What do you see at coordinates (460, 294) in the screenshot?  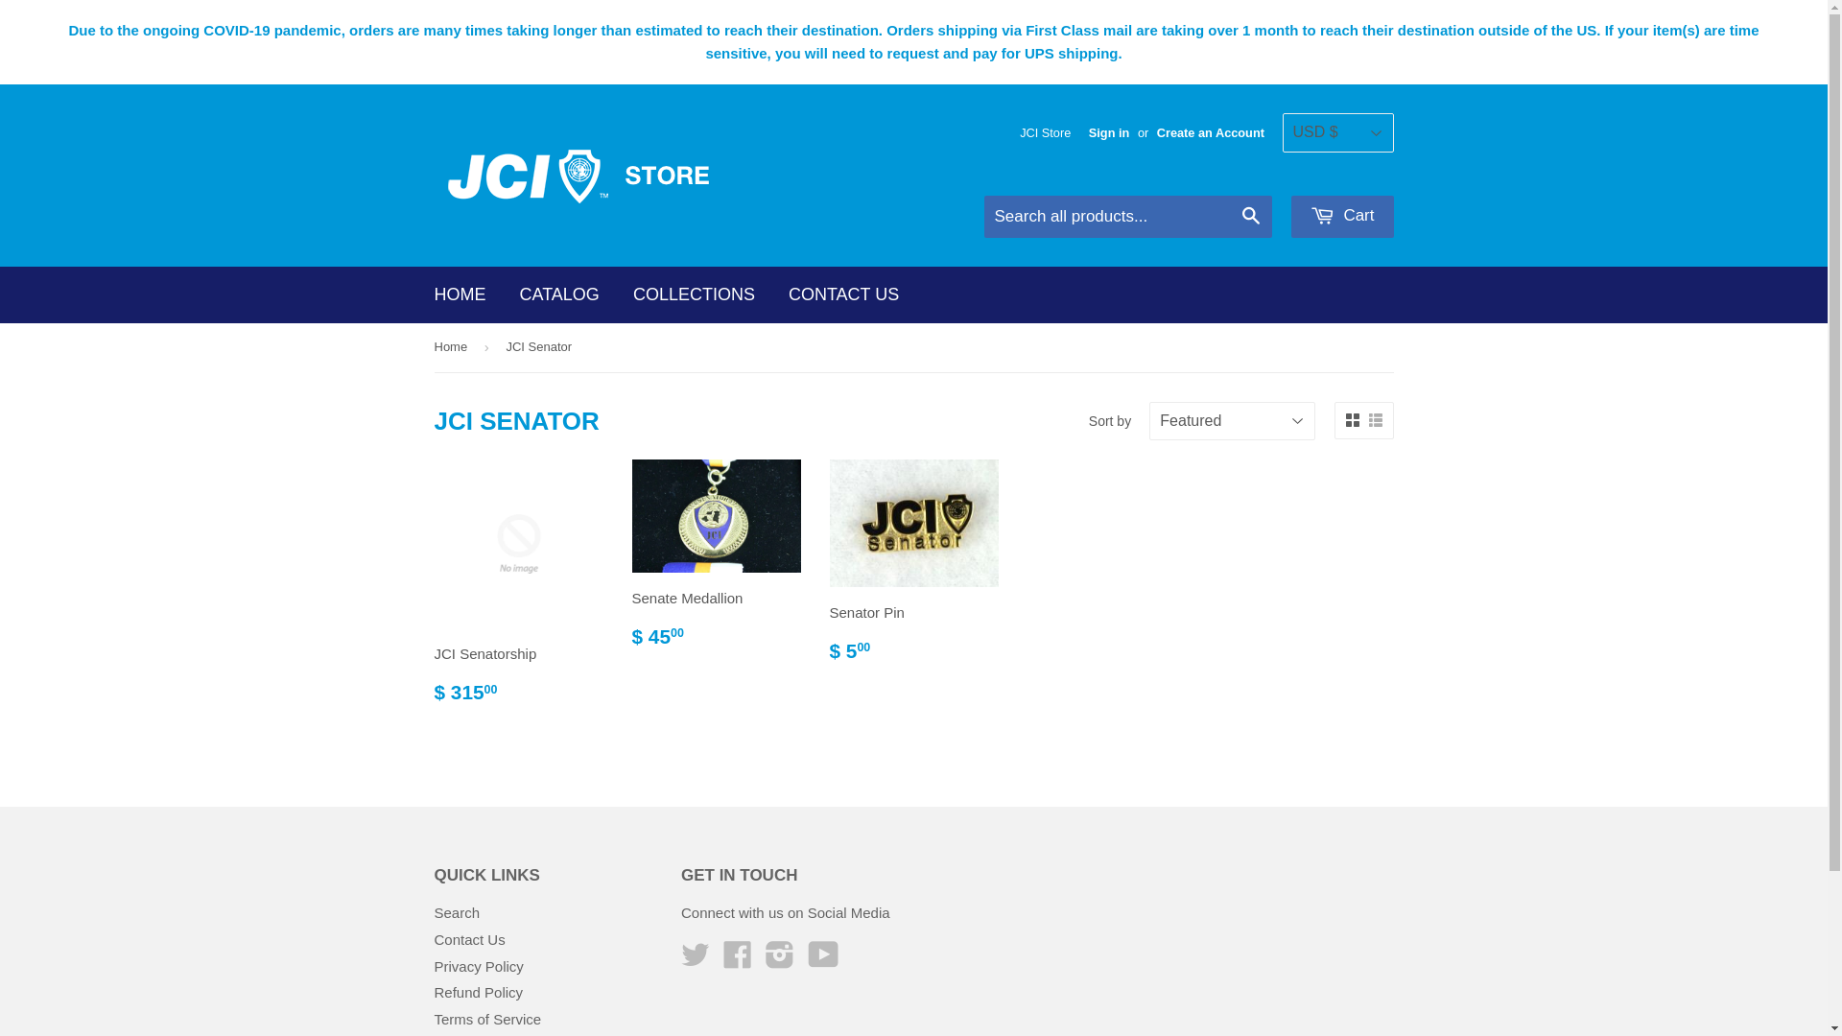 I see `'HOME'` at bounding box center [460, 294].